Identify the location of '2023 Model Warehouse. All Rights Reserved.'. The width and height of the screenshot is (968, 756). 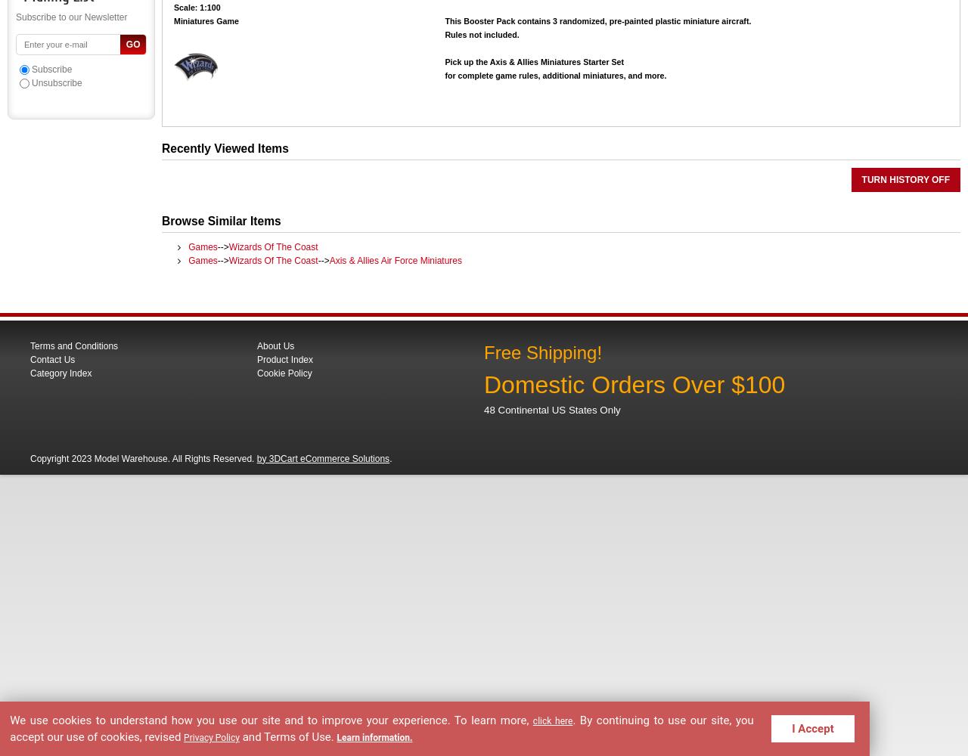
(163, 457).